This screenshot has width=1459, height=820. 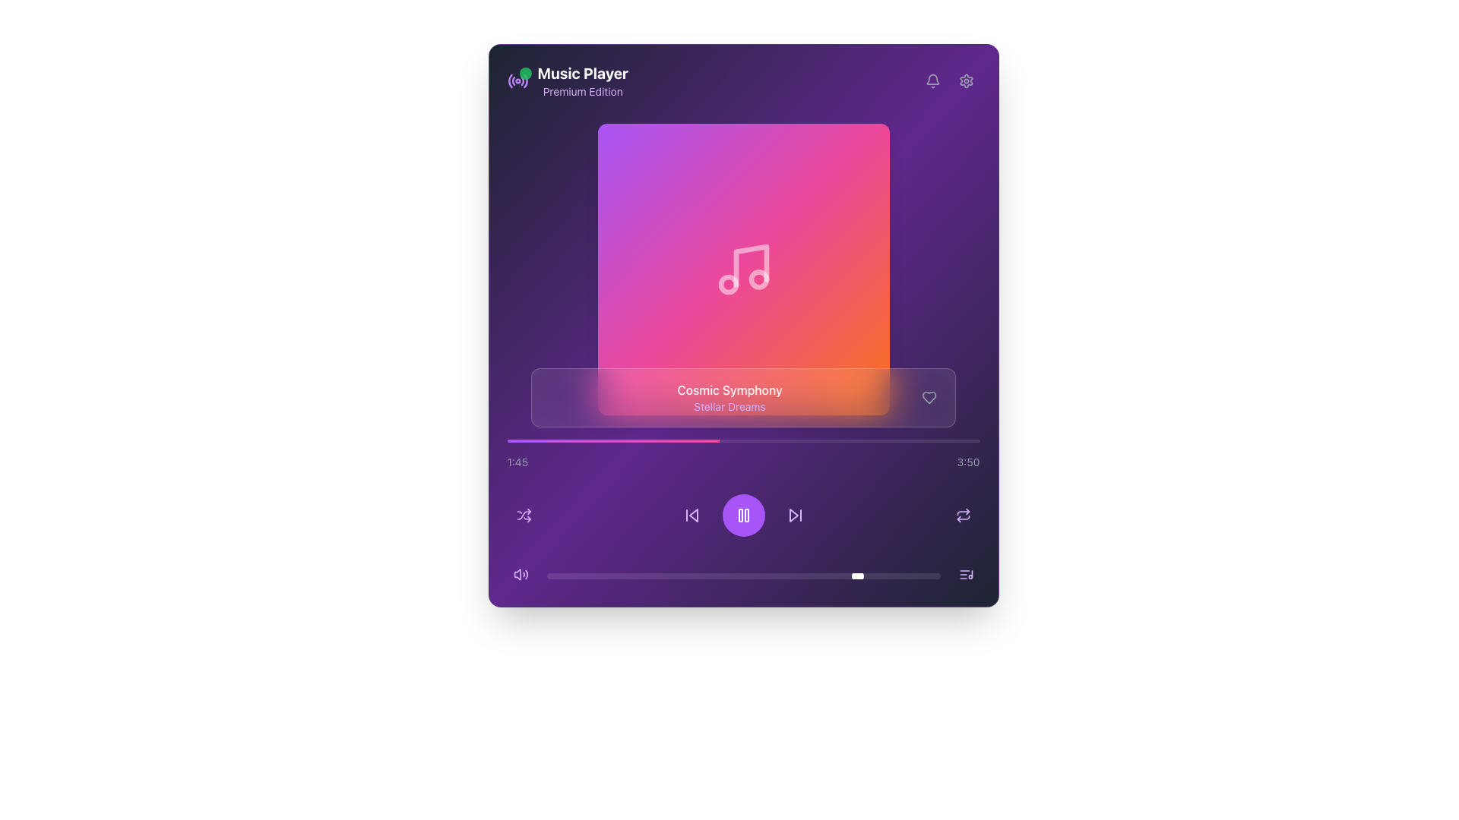 I want to click on the icon next to the 'Music Player' text at the top-left of the interface, so click(x=517, y=81).